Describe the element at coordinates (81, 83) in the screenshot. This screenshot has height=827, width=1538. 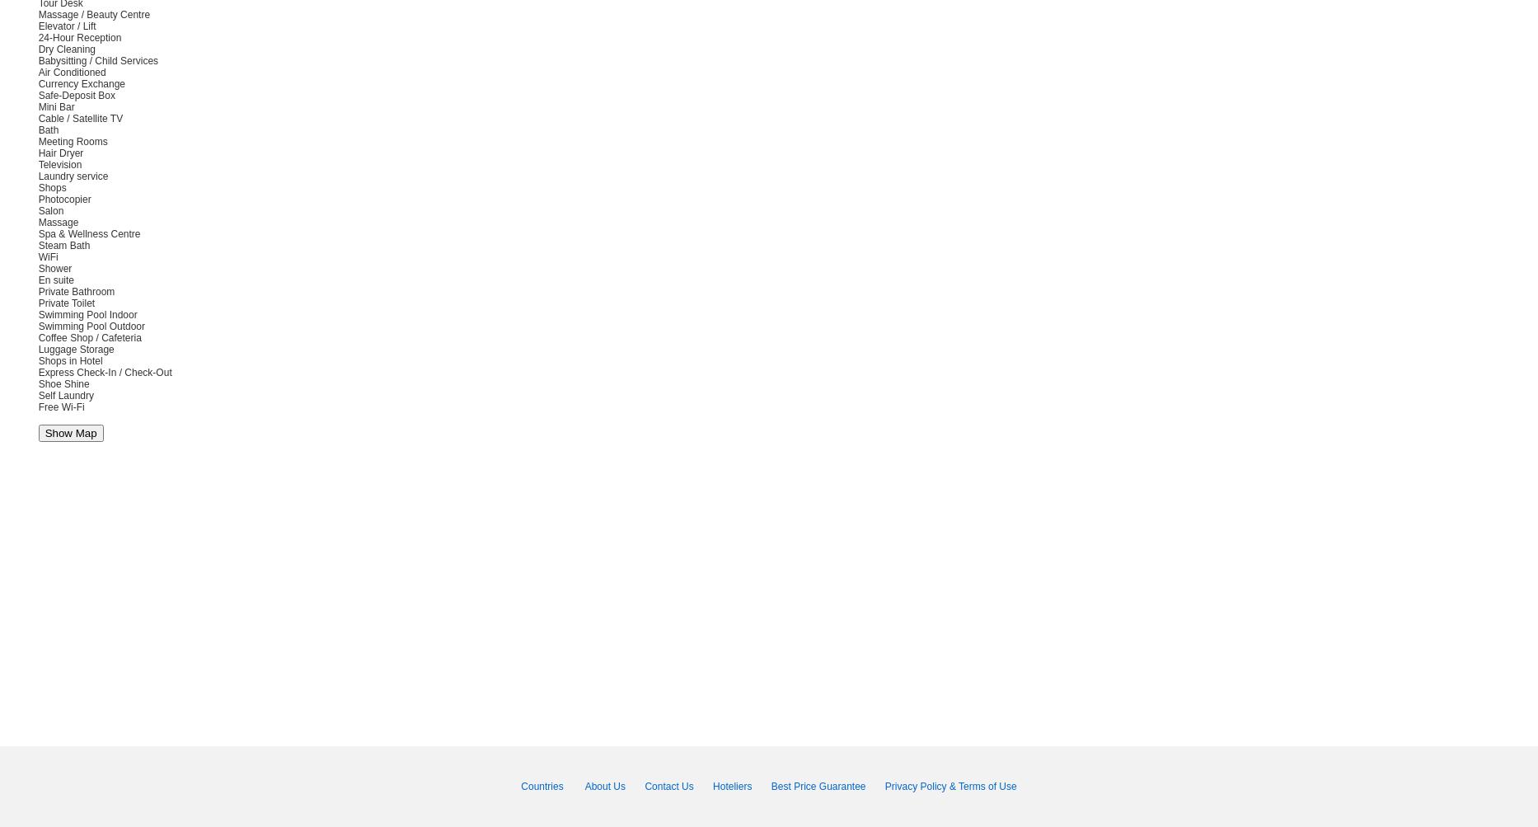
I see `'Currency Exchange'` at that location.